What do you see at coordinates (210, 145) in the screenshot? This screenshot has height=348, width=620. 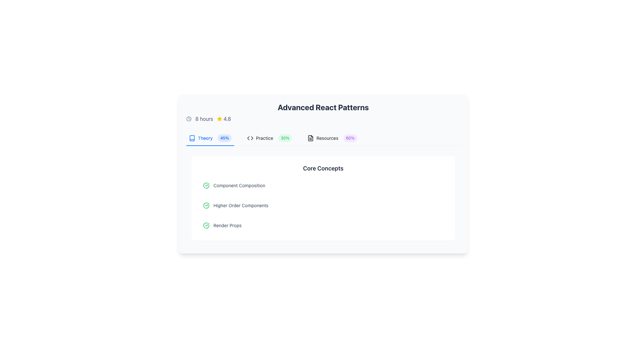 I see `the Indicator bar for the tab control, which visually represents the active tab in the tab navigation system, currently indicating the 'Theory' tab` at bounding box center [210, 145].